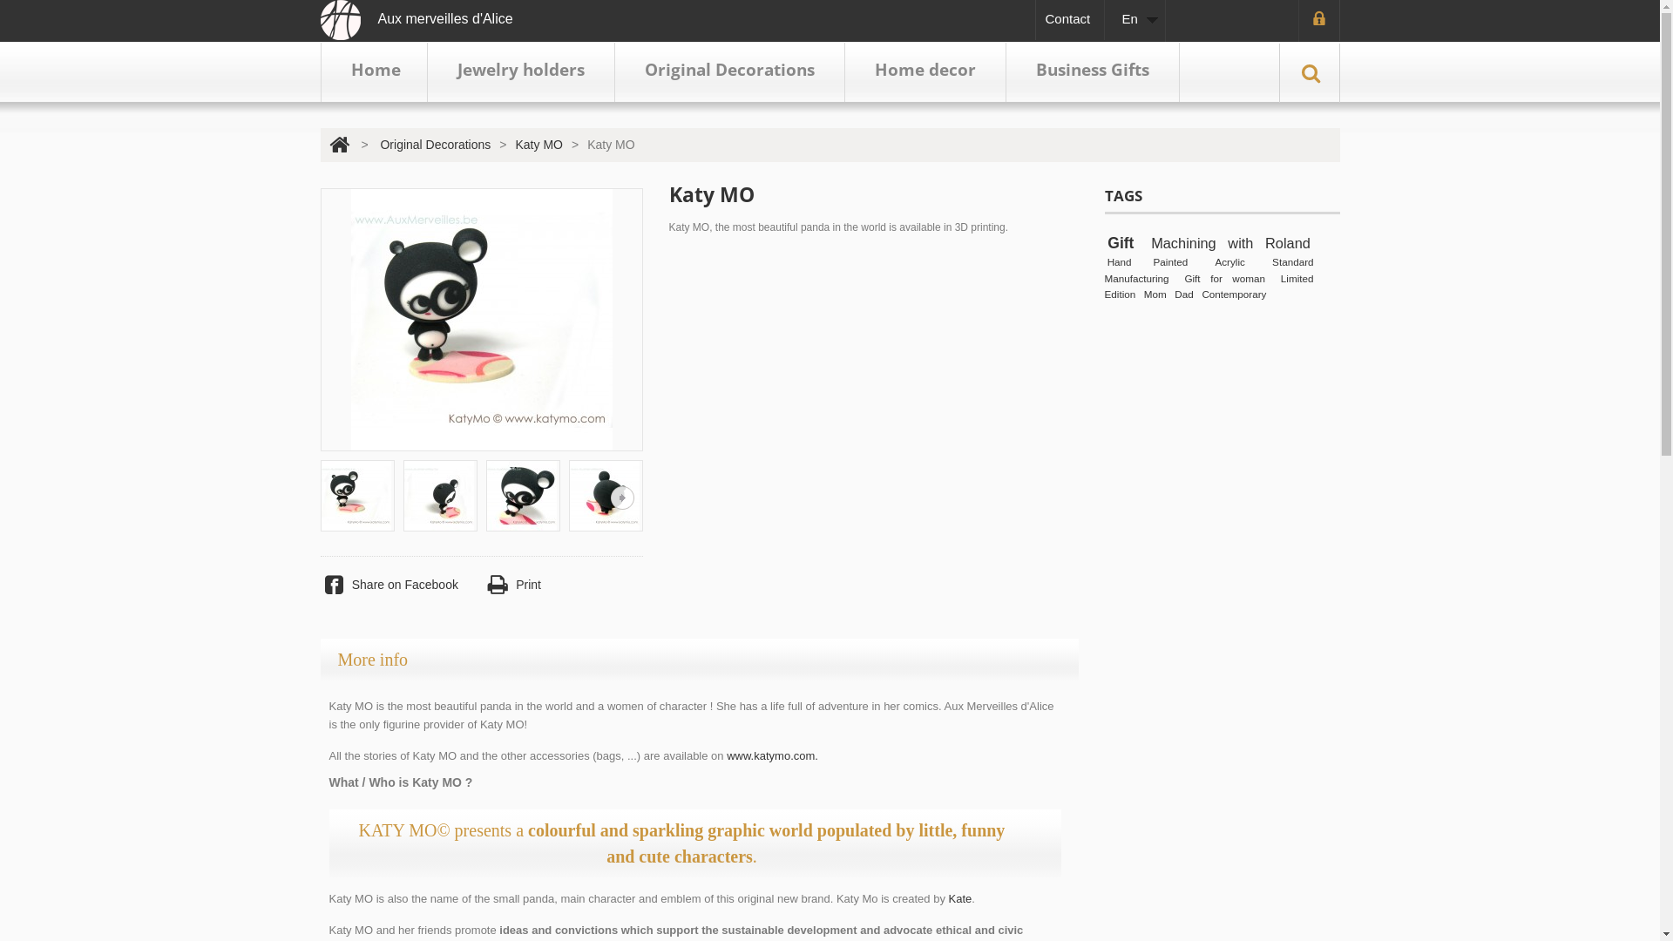 This screenshot has width=1673, height=941. Describe the element at coordinates (1103, 271) in the screenshot. I see `'Standard Manufacturing'` at that location.